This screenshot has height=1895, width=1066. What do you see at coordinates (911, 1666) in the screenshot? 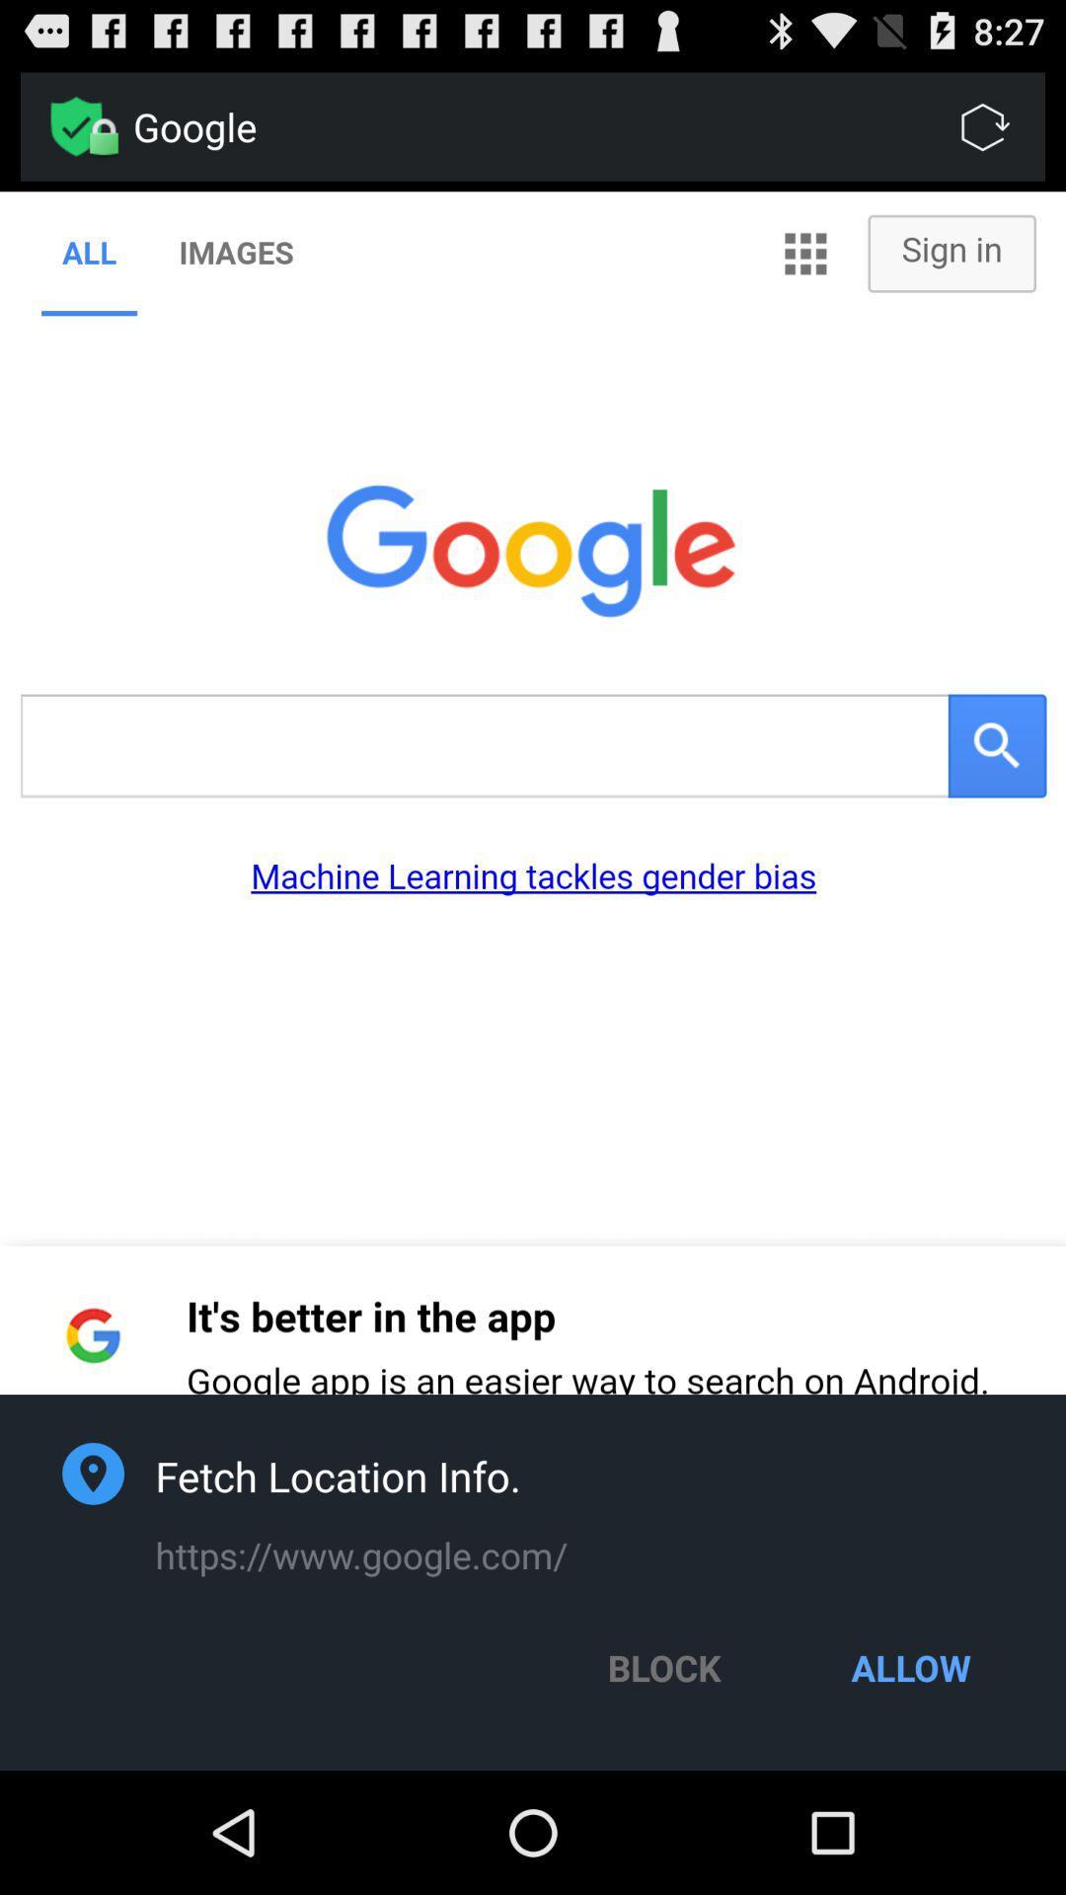
I see `the allow button` at bounding box center [911, 1666].